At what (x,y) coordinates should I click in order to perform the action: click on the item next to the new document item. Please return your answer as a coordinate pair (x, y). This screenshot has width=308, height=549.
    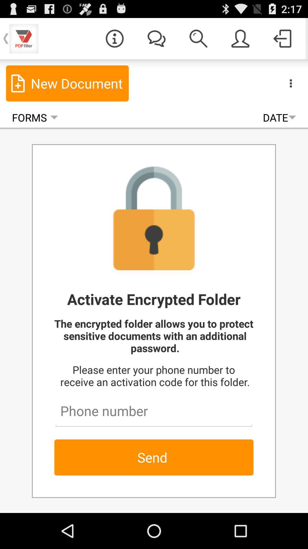
    Looking at the image, I should click on (291, 83).